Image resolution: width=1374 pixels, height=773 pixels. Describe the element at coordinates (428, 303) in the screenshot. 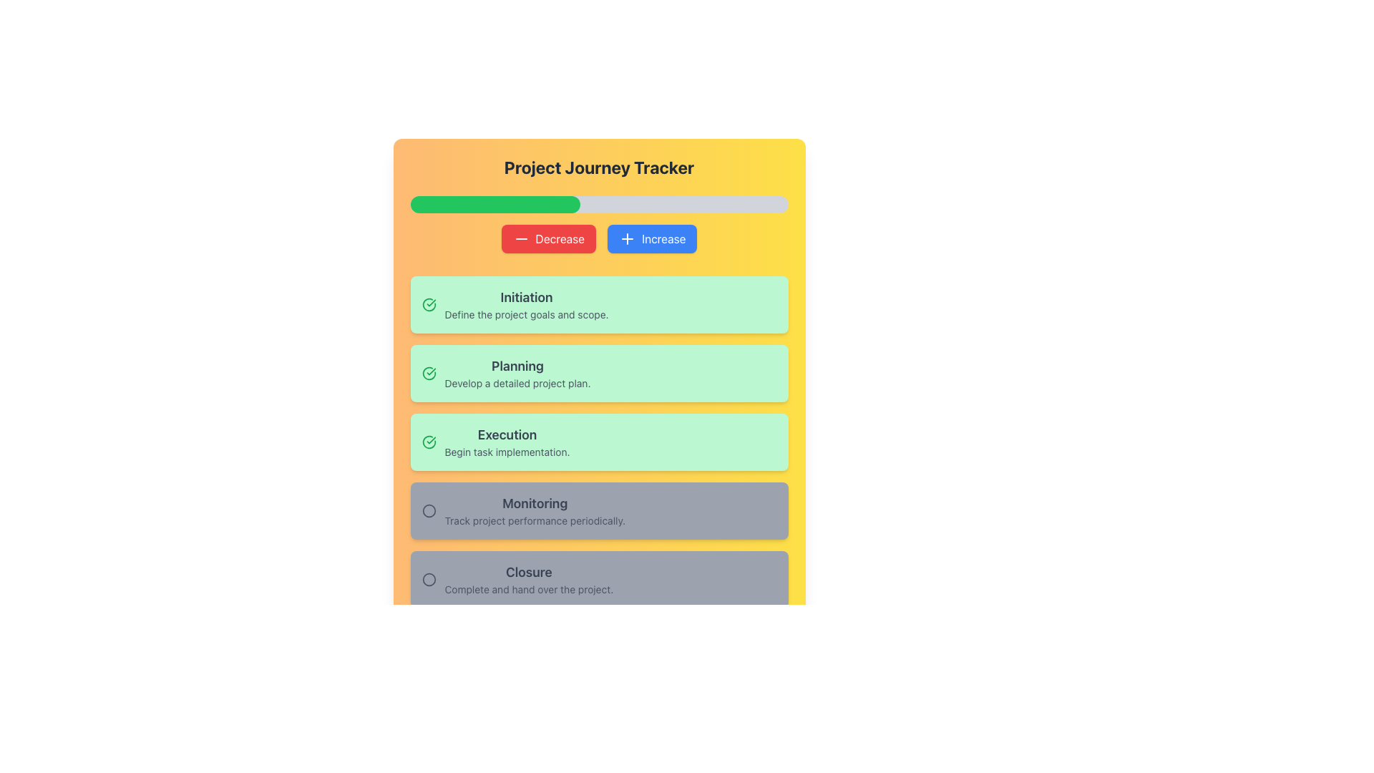

I see `the circular green checkmark icon located at the left end of the 'Initiation' rectangle` at that location.